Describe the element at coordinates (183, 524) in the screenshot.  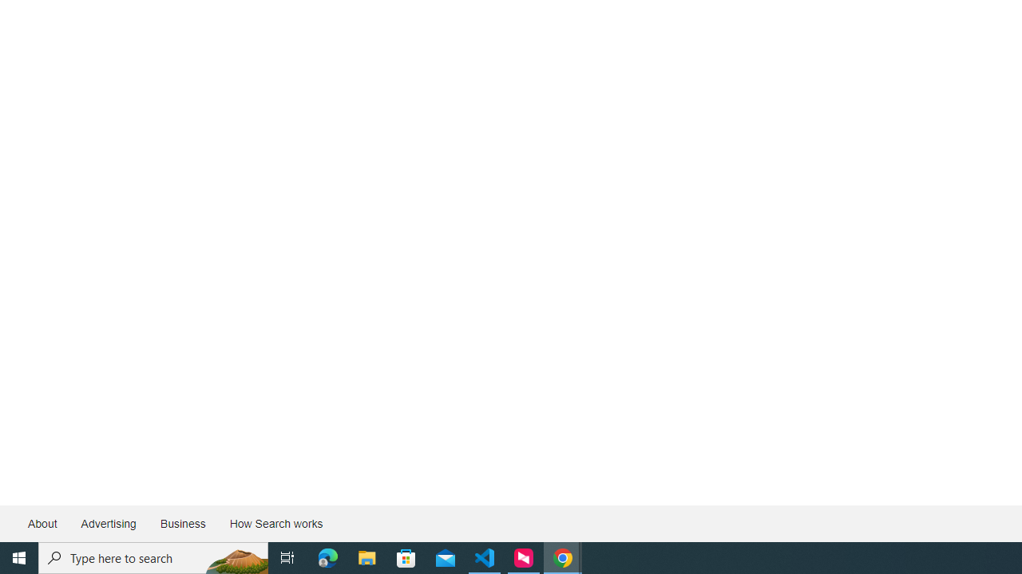
I see `'Business'` at that location.